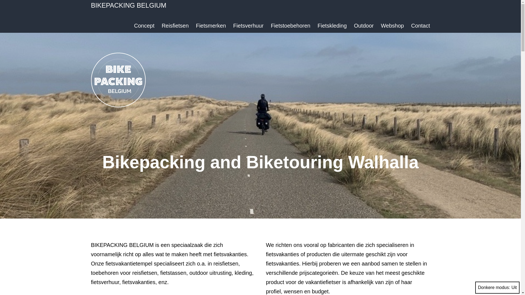 Image resolution: width=525 pixels, height=295 pixels. Describe the element at coordinates (290, 26) in the screenshot. I see `'Fietstoebehoren'` at that location.